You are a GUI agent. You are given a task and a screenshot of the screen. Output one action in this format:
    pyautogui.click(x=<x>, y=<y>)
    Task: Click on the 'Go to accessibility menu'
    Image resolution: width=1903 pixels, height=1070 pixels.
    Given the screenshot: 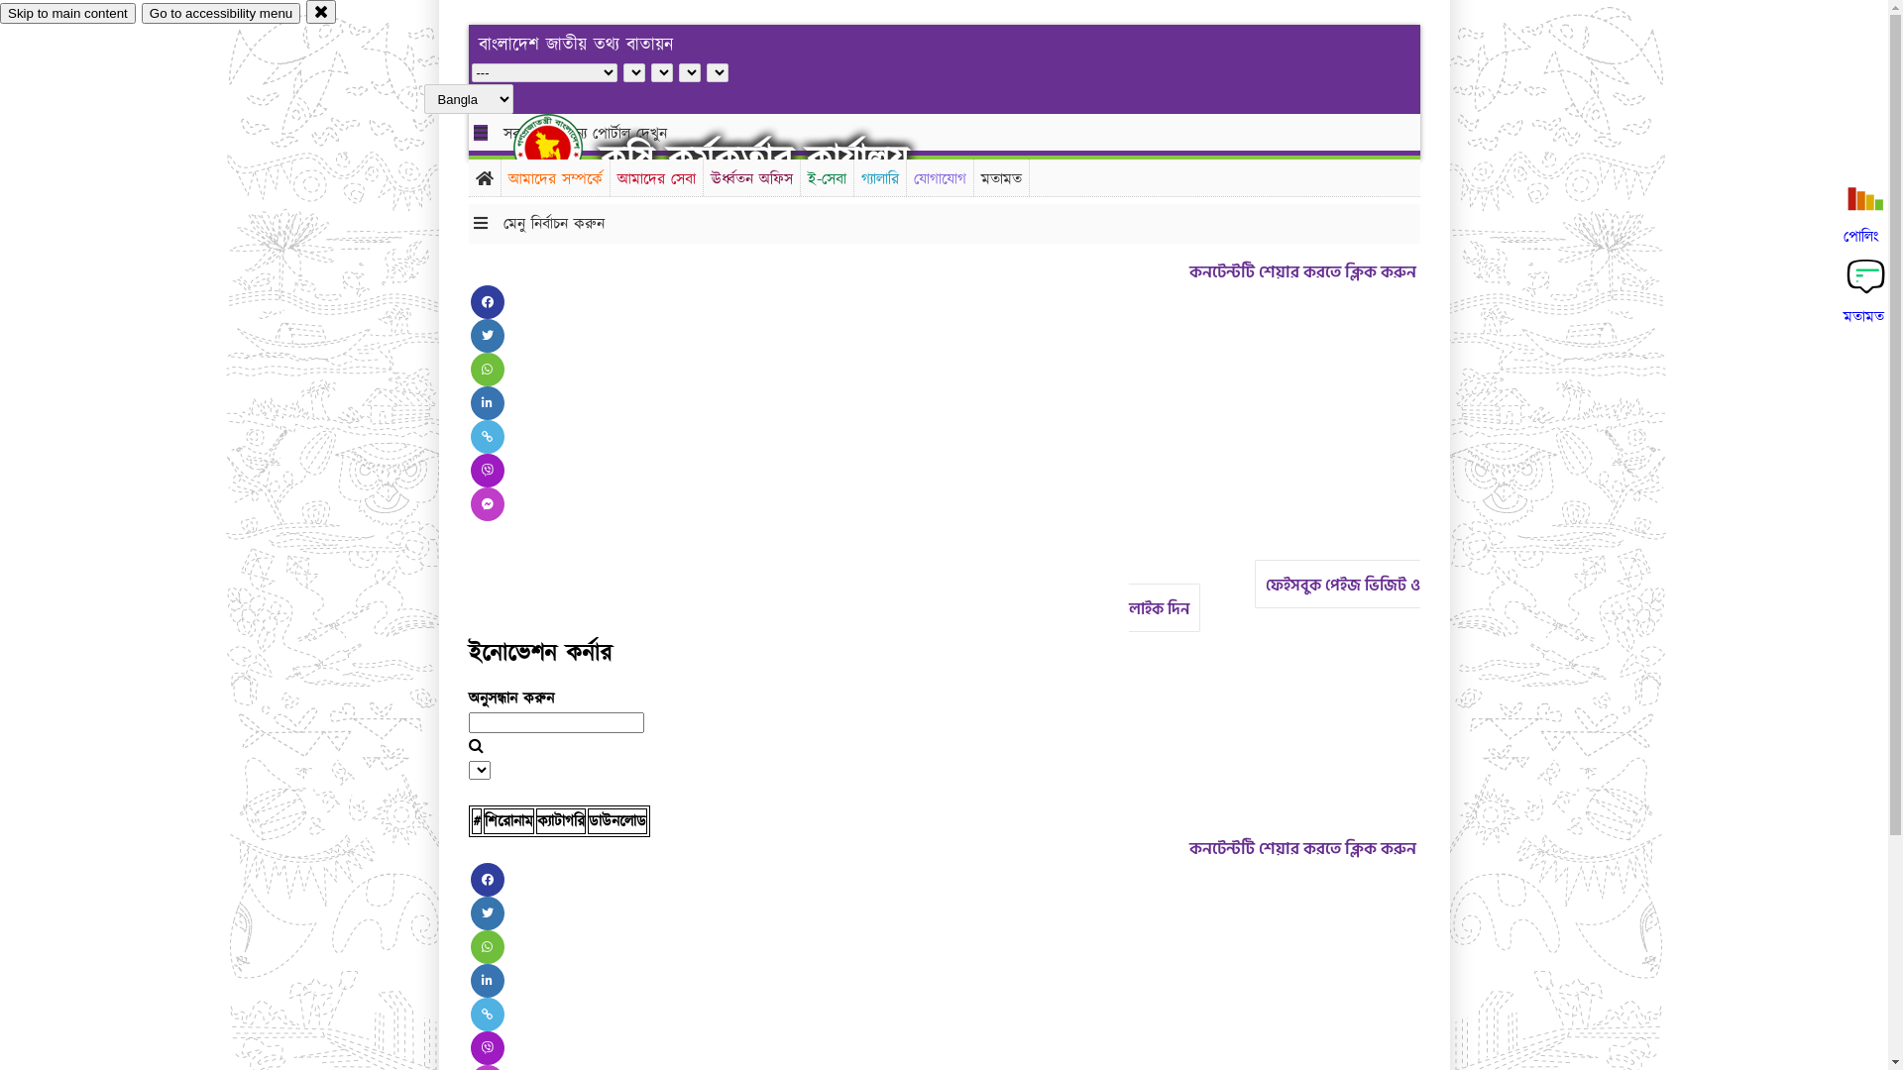 What is the action you would take?
    pyautogui.click(x=220, y=13)
    